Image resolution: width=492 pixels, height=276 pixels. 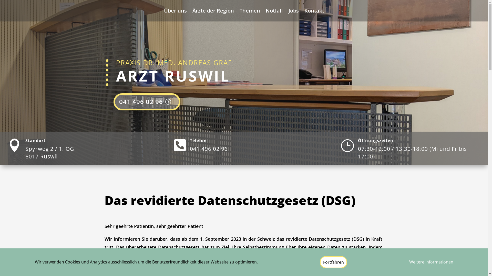 What do you see at coordinates (333, 262) in the screenshot?
I see `'Fortfahren'` at bounding box center [333, 262].